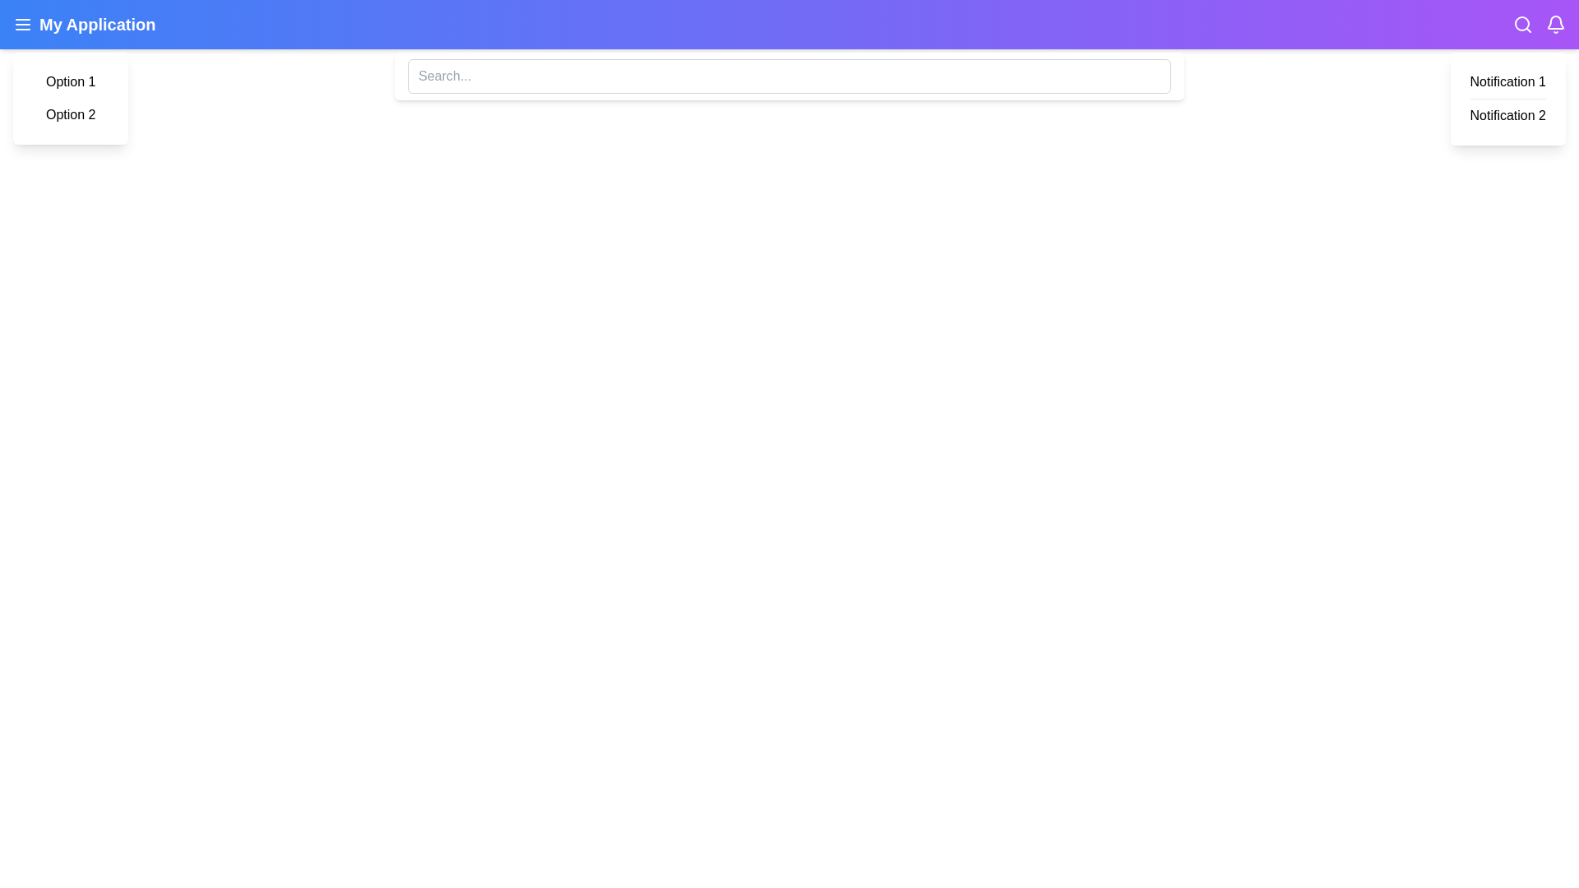 The width and height of the screenshot is (1579, 888). Describe the element at coordinates (1507, 115) in the screenshot. I see `contents of the second notification in the notification list located at the top-right corner of the user interface` at that location.